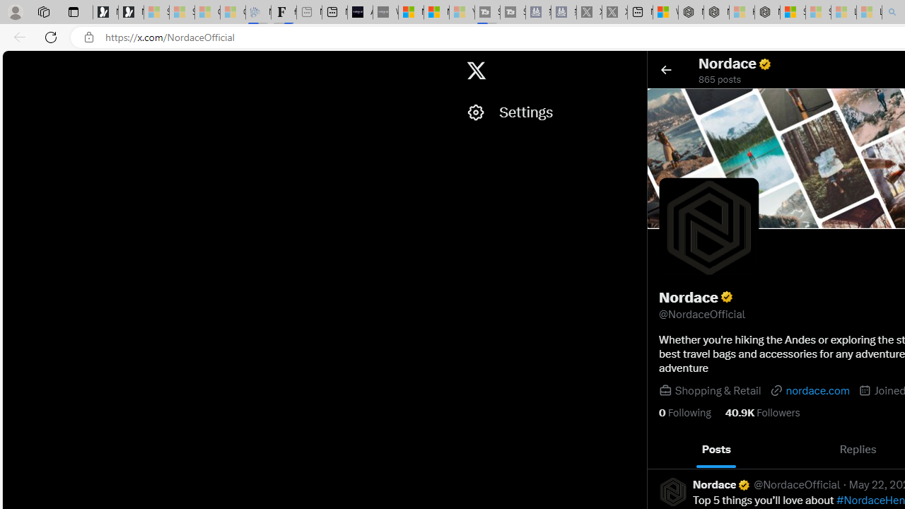  I want to click on '40.9K Followers', so click(761, 412).